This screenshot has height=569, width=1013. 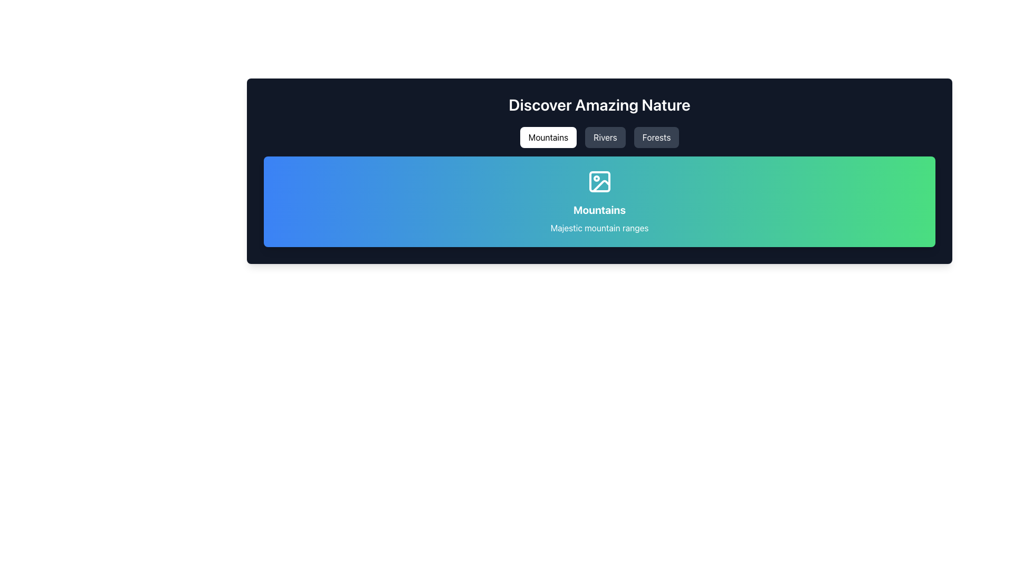 I want to click on the dark gray button labeled 'Forests', which is the third button in a row of three buttons, to interact with it, so click(x=656, y=137).